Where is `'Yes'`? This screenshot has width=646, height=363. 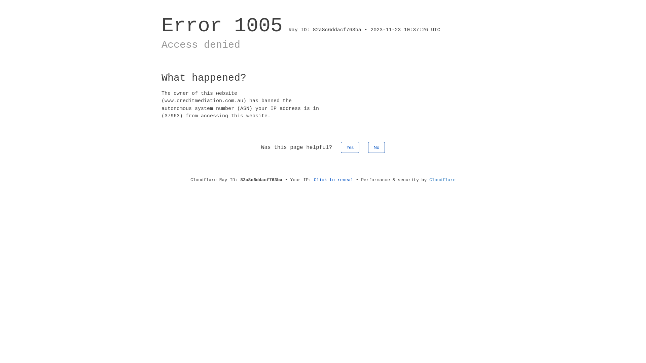
'Yes' is located at coordinates (350, 147).